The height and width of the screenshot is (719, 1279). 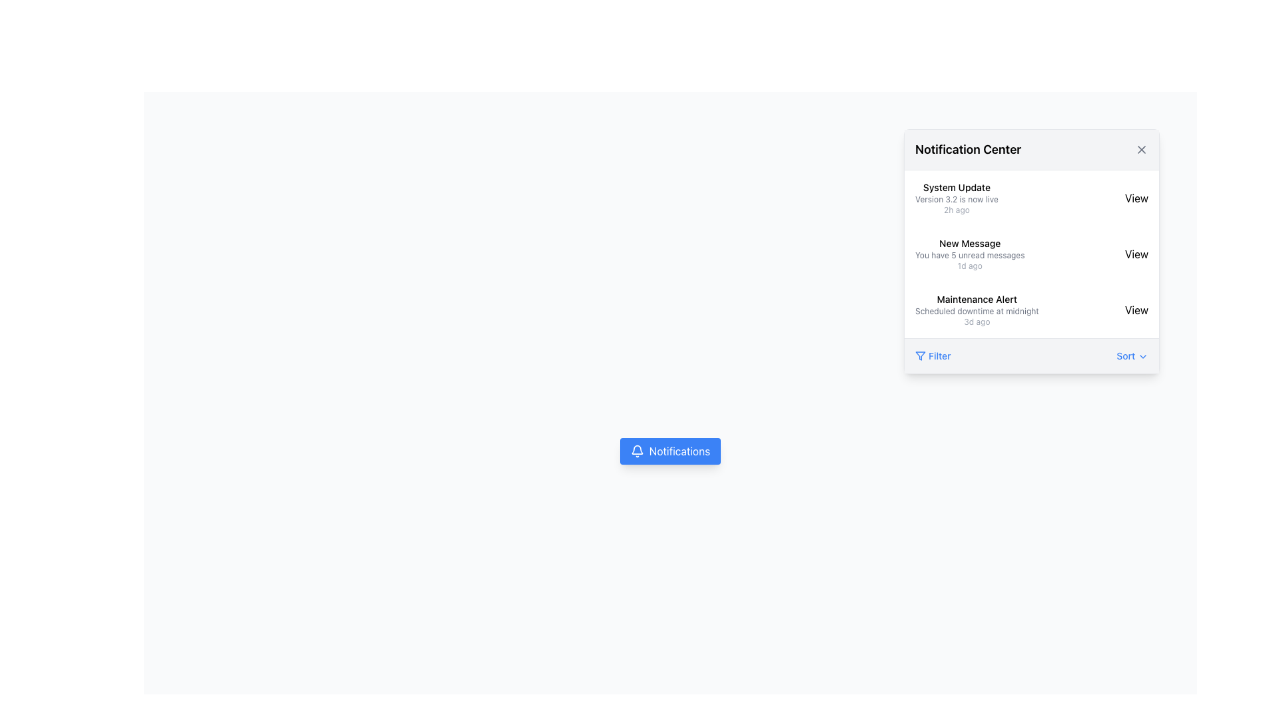 What do you see at coordinates (1140, 149) in the screenshot?
I see `the small 'X' icon button in the top-right corner of the 'Notification Center' modal to trigger the color change effect` at bounding box center [1140, 149].